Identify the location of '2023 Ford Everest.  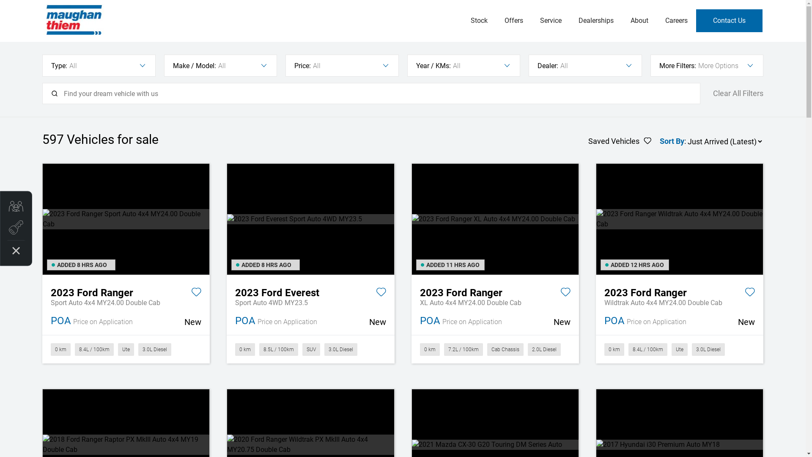
(310, 291).